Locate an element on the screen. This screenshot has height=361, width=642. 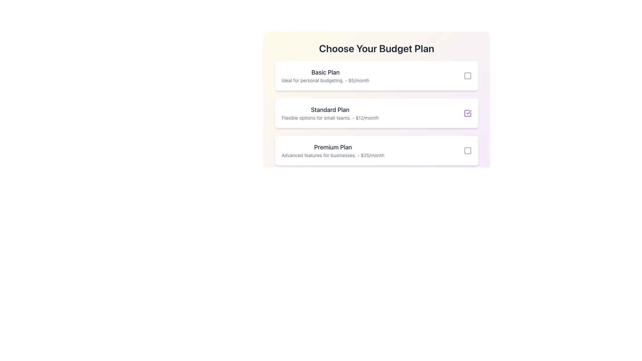
the text label that reads 'Ideal for personal budgeting. - $5/month', which is located below the heading 'Basic Plan' in the first plan option section is located at coordinates (325, 80).